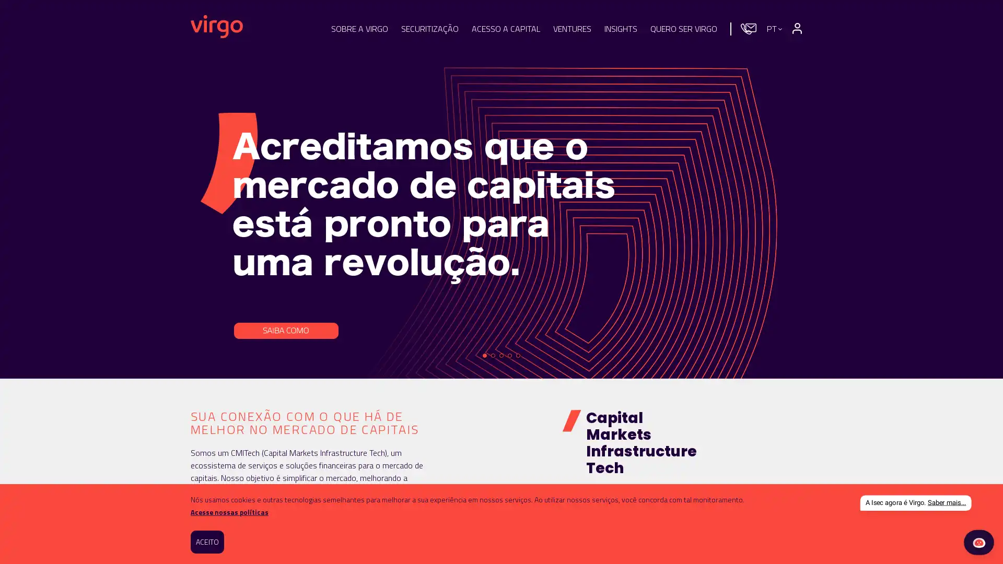  What do you see at coordinates (518, 355) in the screenshot?
I see `Go to slide 5` at bounding box center [518, 355].